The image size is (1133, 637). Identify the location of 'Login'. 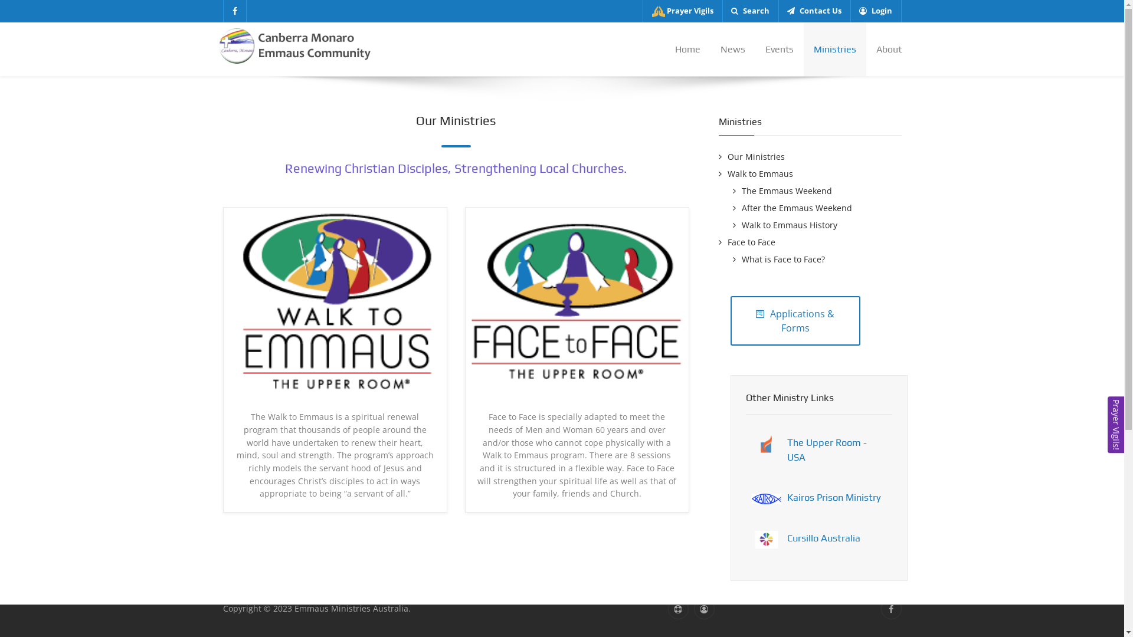
(875, 11).